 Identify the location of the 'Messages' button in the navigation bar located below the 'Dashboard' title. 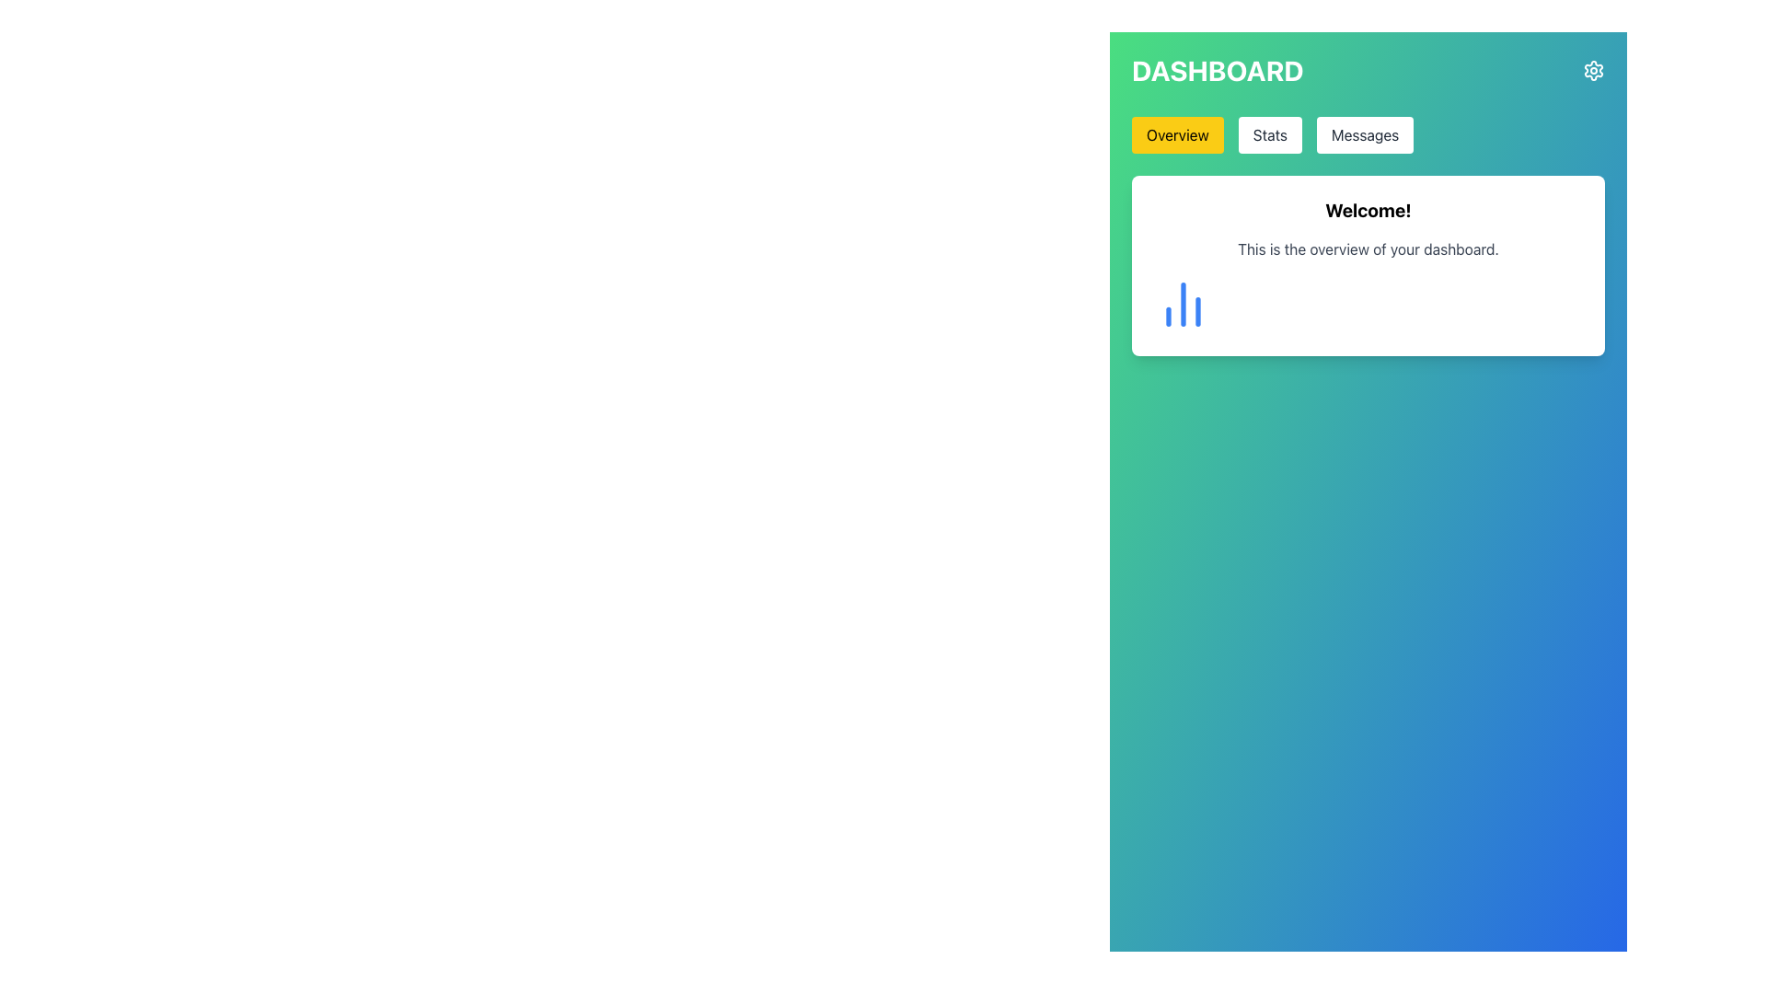
(1369, 133).